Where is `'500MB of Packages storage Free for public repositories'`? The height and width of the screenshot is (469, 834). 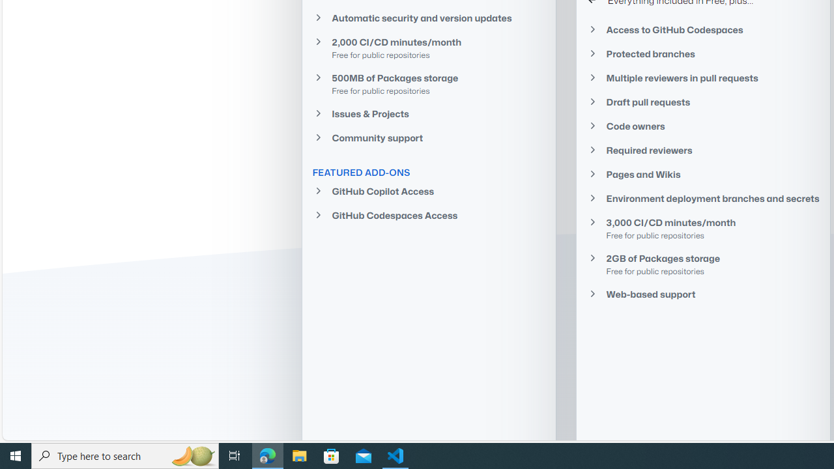 '500MB of Packages storage Free for public repositories' is located at coordinates (428, 83).